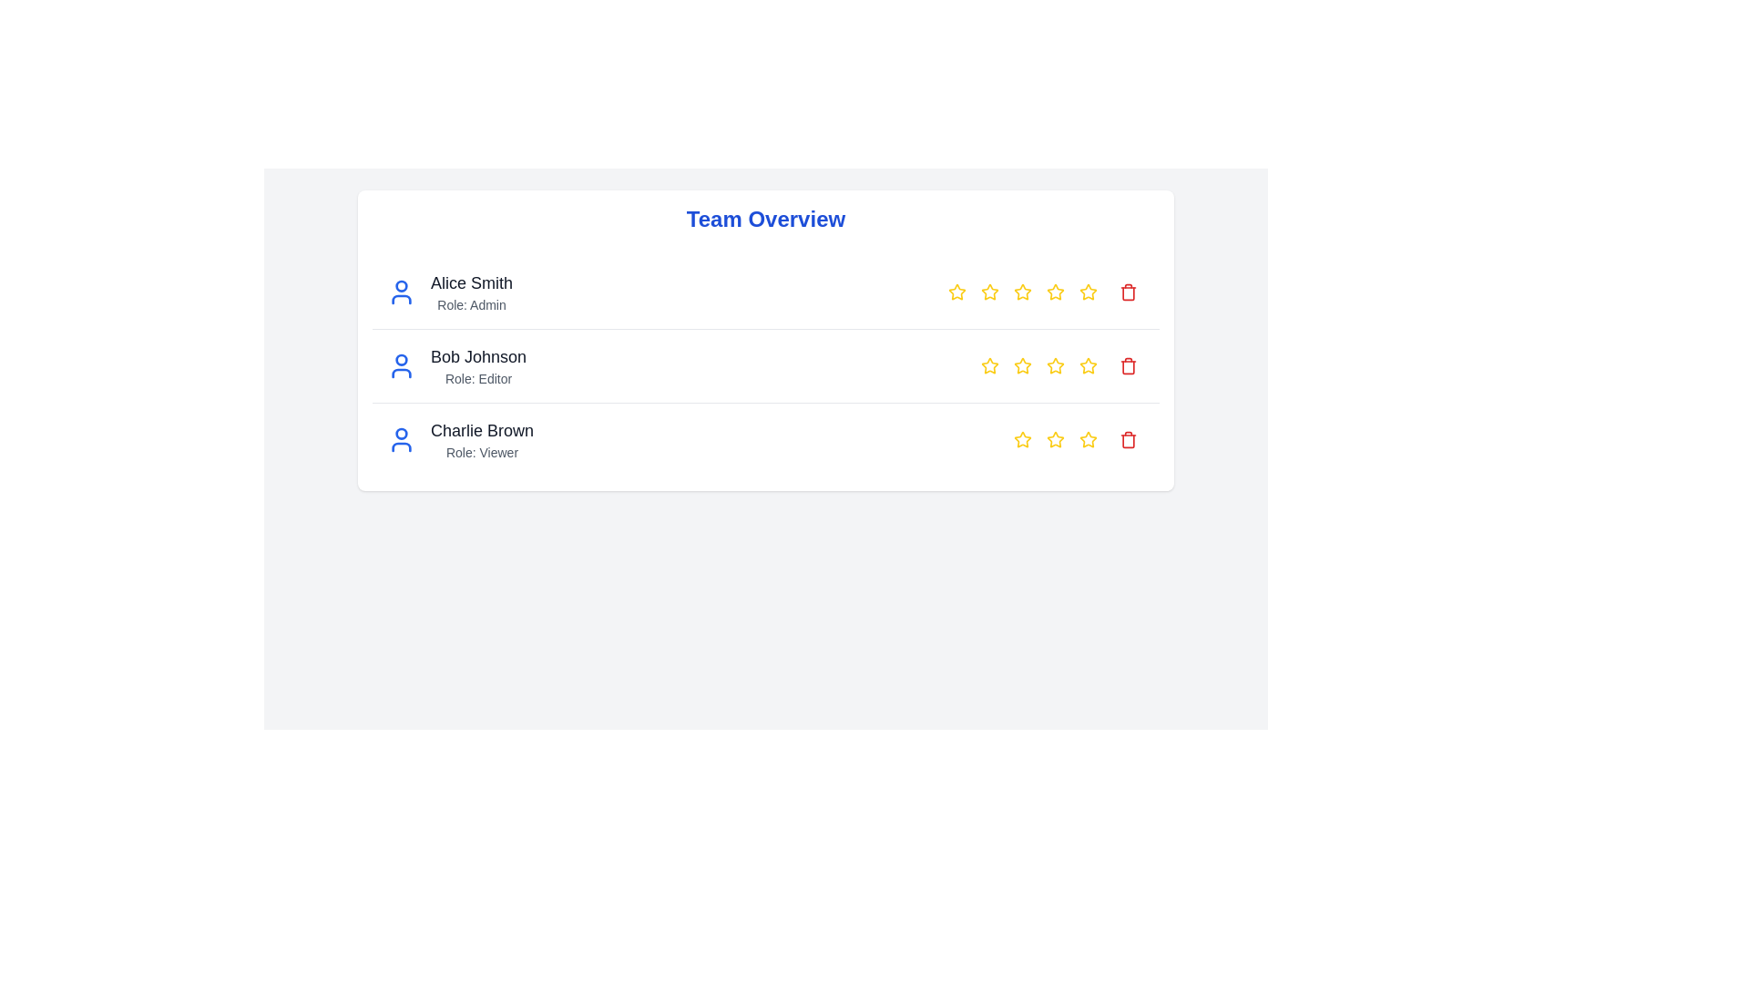  I want to click on the user icon with a bold blue outline that is the leftmost component in the row for 'Alice Smith, Role: Admin', so click(401, 291).